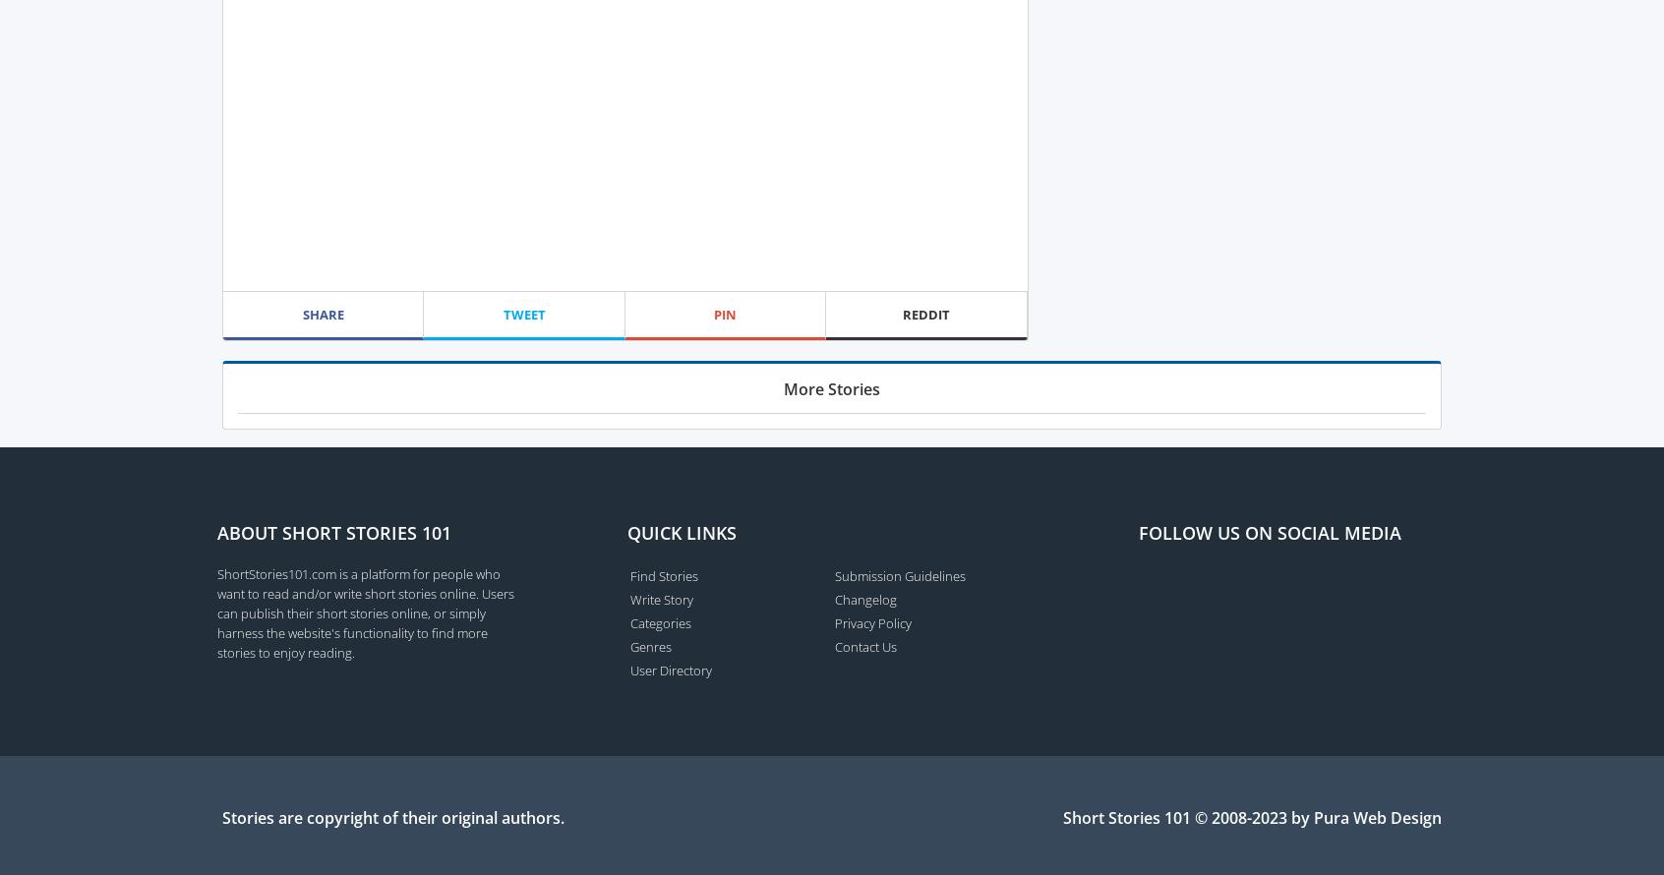 This screenshot has height=875, width=1664. I want to click on 'Pura Web Design', so click(1377, 815).